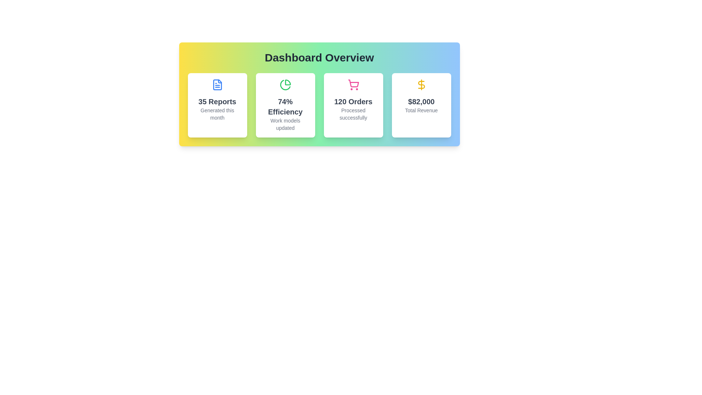  I want to click on the shopping cart icon located in the third column of the dashboard summary panel, which indicates the number of orders processed successfully, so click(353, 83).